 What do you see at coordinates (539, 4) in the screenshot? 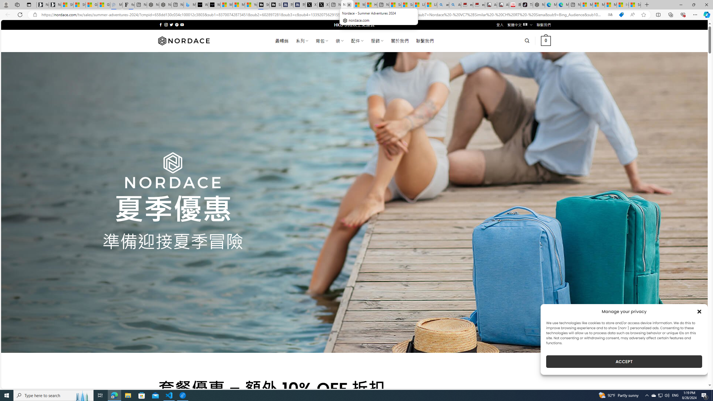
I see `'Nordace - Best Sellers'` at bounding box center [539, 4].